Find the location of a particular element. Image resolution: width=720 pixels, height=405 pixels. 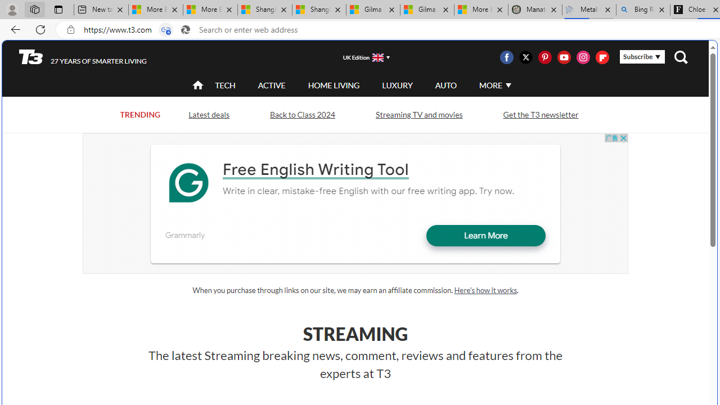

'TECH' is located at coordinates (225, 84).